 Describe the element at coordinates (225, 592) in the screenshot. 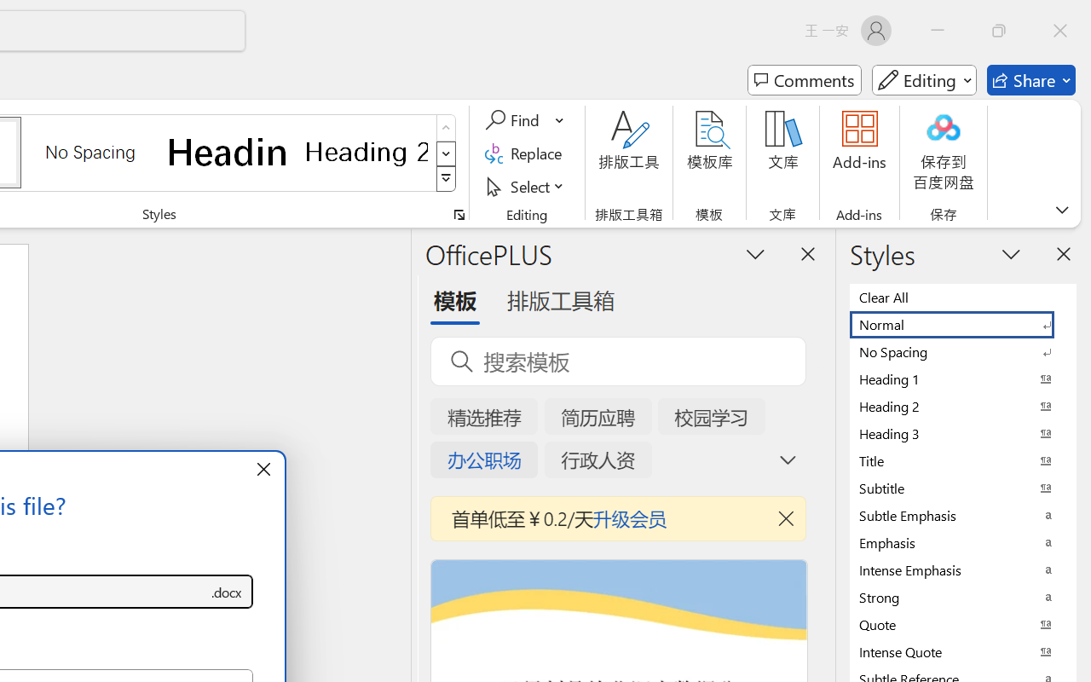

I see `'Save as type'` at that location.